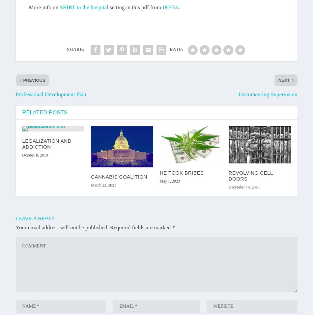 Image resolution: width=313 pixels, height=315 pixels. I want to click on 'SBIRT in the hospital', so click(83, 7).